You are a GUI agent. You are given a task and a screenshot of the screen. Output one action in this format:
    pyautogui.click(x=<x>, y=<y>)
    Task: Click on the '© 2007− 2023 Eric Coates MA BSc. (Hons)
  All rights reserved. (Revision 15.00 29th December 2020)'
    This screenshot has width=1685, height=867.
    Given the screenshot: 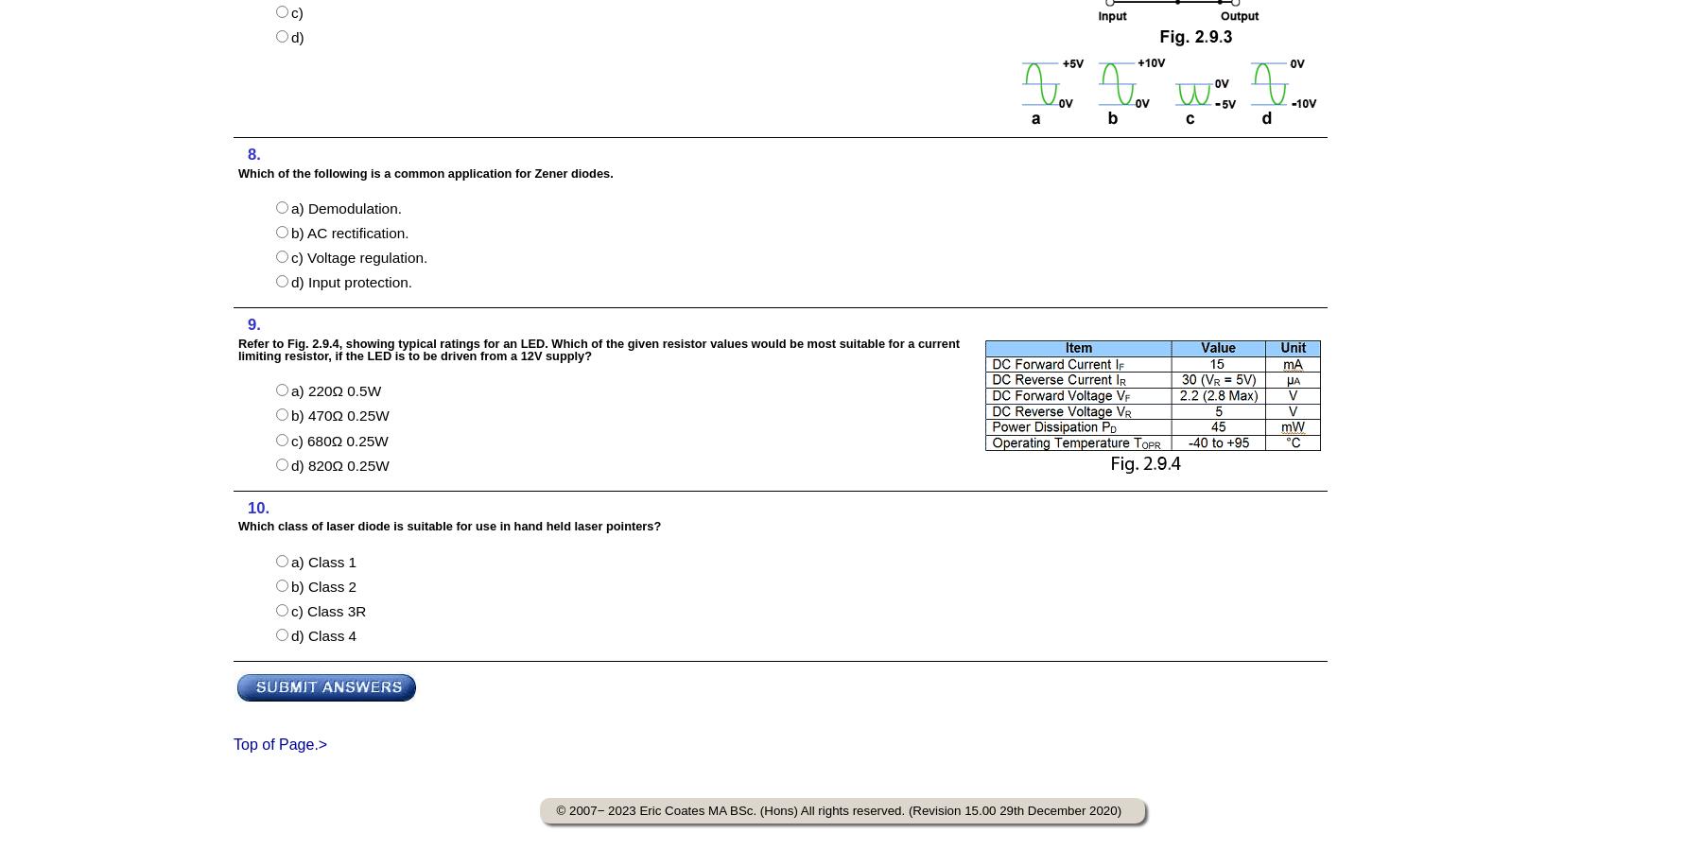 What is the action you would take?
    pyautogui.click(x=556, y=809)
    